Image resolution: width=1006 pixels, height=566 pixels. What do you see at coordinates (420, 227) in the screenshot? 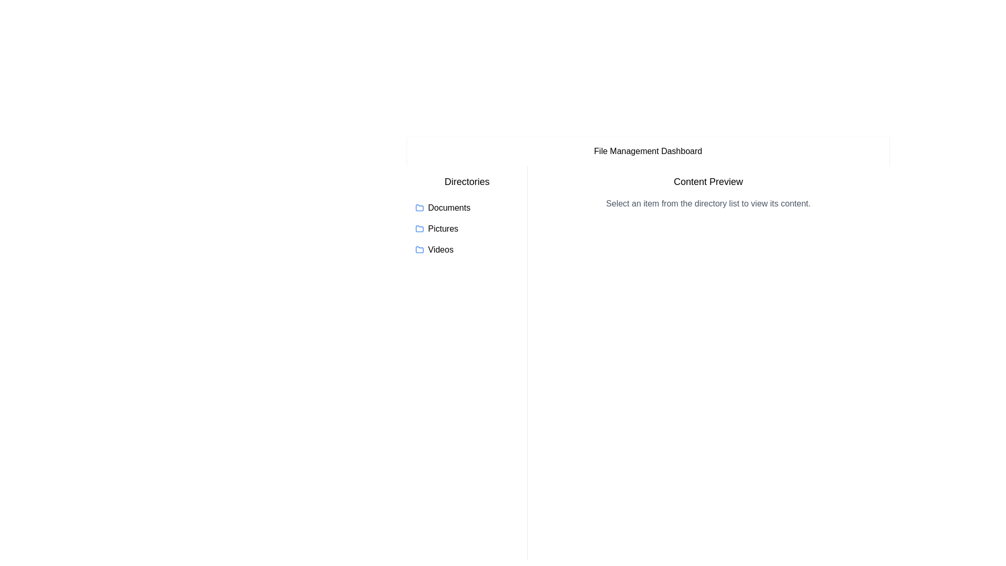
I see `the folder icon representing the 'Pictures' directory to interact with it` at bounding box center [420, 227].